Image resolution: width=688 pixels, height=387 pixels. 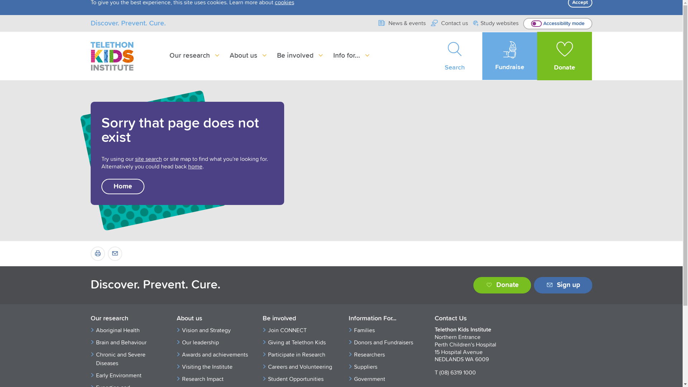 What do you see at coordinates (129, 342) in the screenshot?
I see `'Brain and Behaviour'` at bounding box center [129, 342].